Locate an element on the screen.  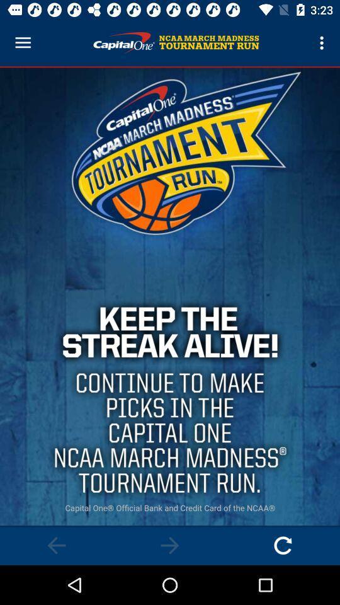
the arrow_forward icon is located at coordinates (170, 544).